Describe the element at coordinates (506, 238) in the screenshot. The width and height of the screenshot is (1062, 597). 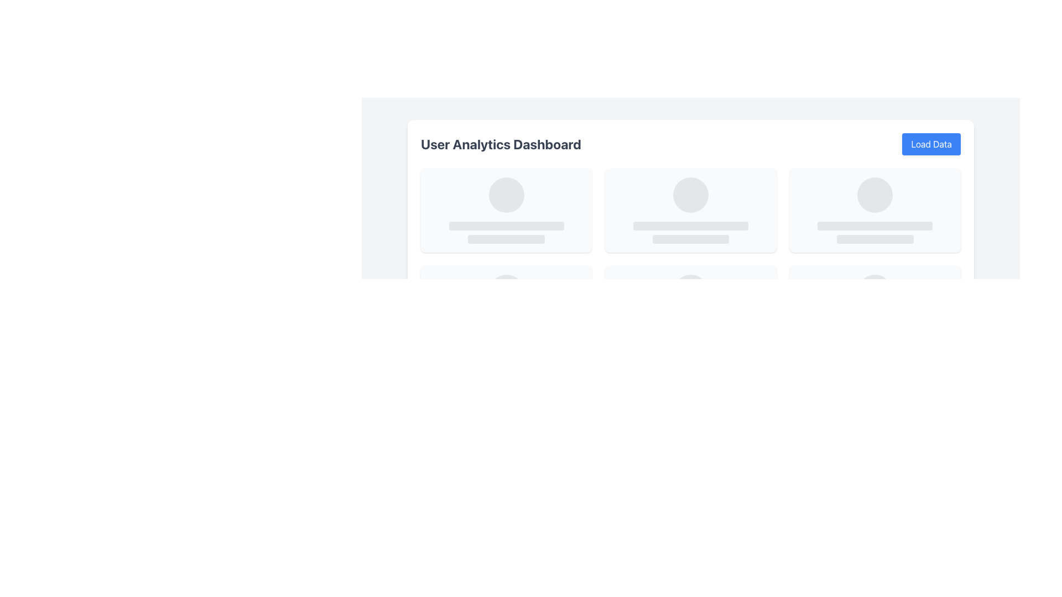
I see `the Placeholder bar, which is a horizontally rectangular gray bar with rounded edges located below a circular placeholder image within the profile structure` at that location.